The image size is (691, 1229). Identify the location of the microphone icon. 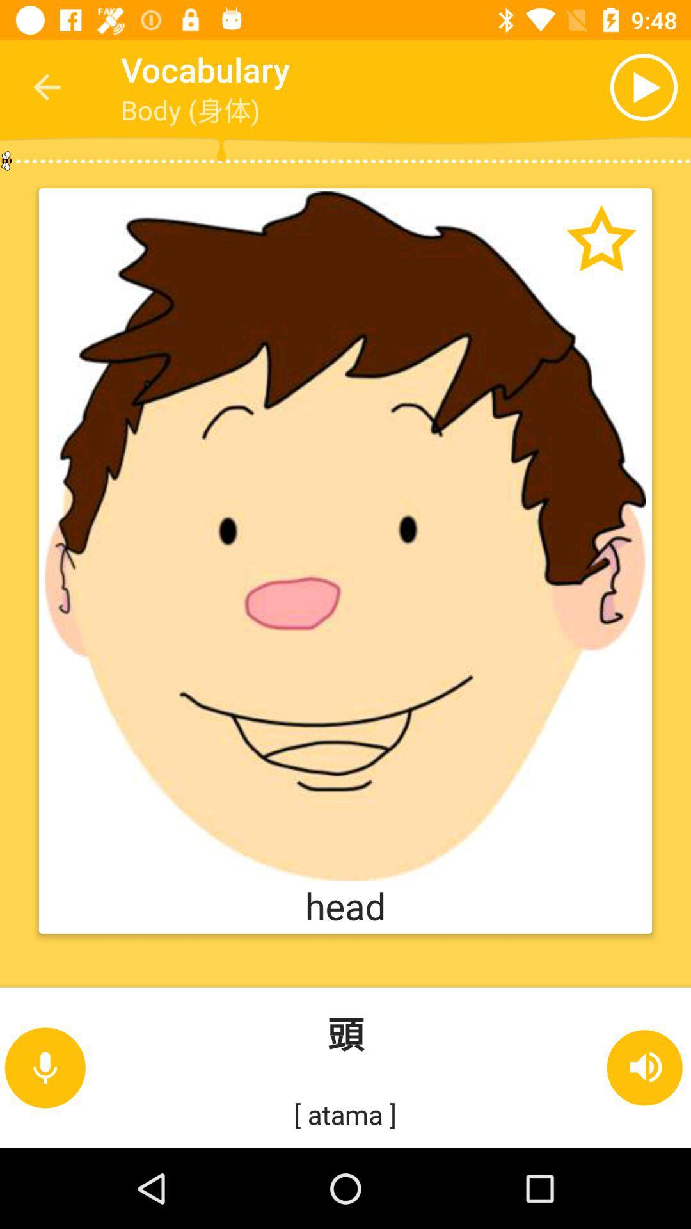
(44, 1068).